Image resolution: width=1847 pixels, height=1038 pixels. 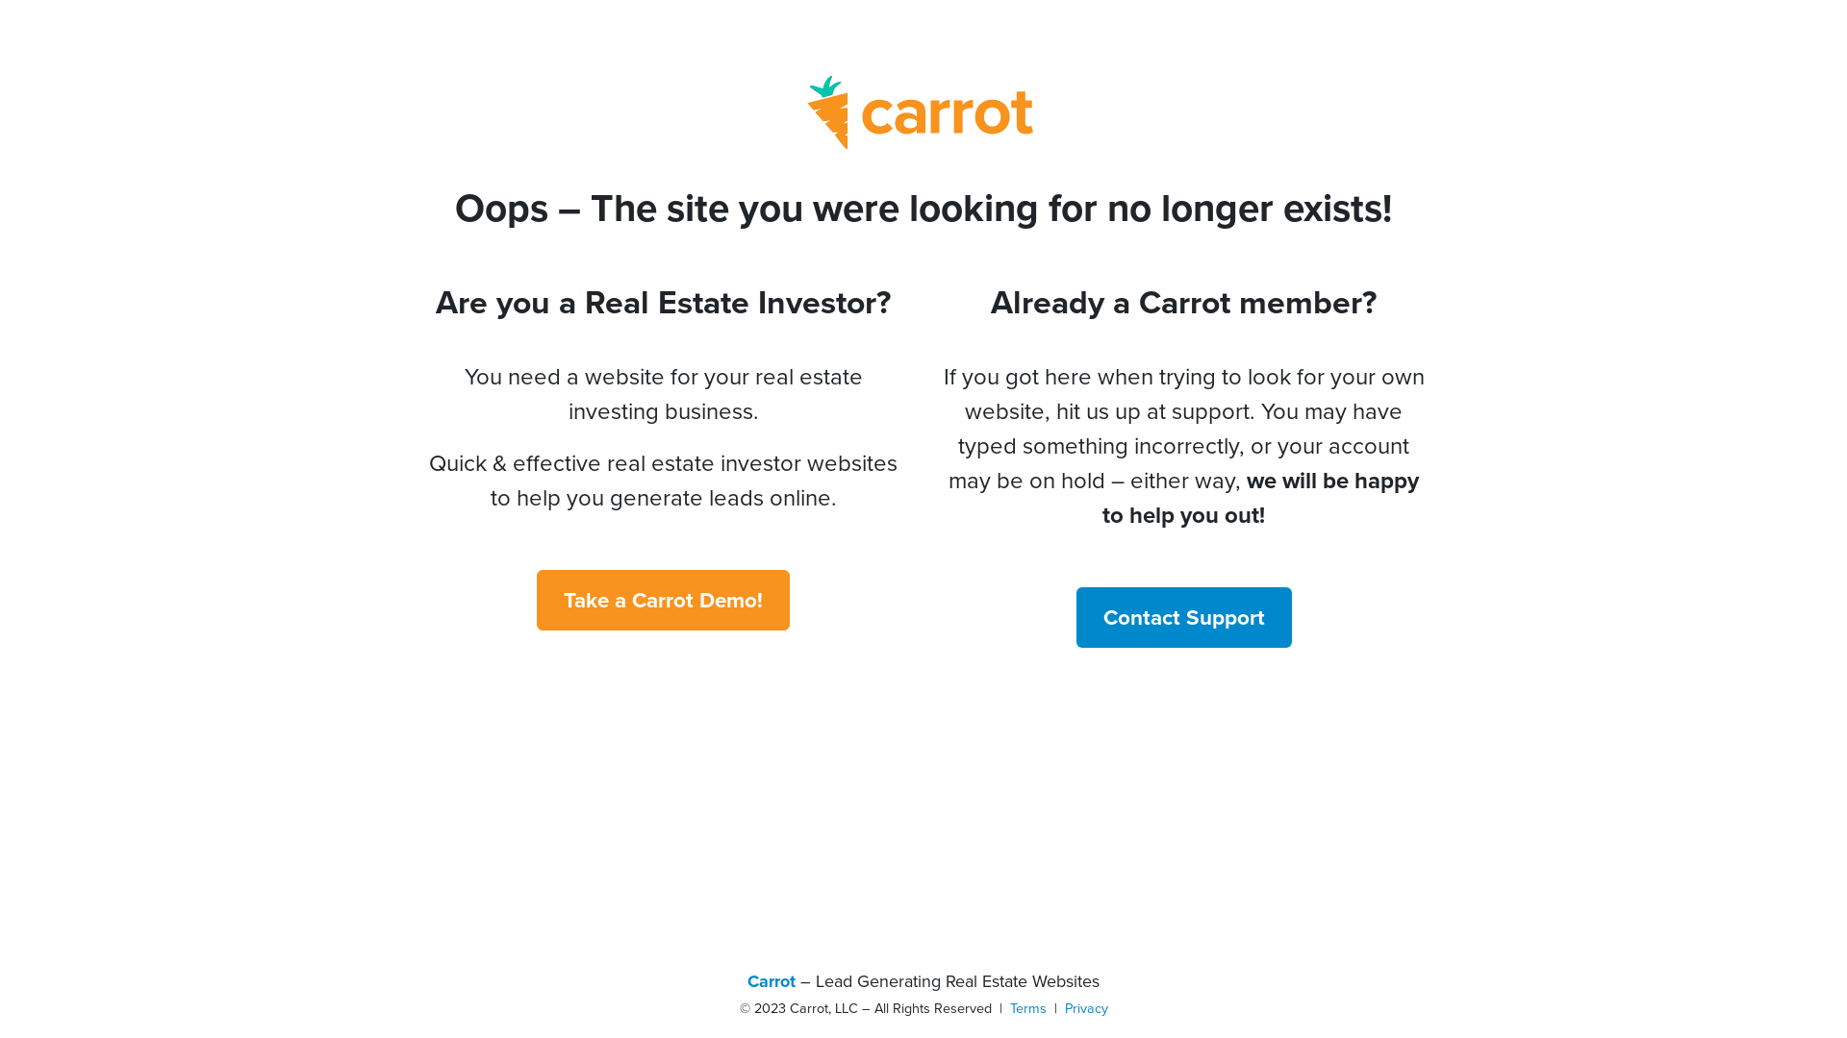 What do you see at coordinates (746, 981) in the screenshot?
I see `'Carrot'` at bounding box center [746, 981].